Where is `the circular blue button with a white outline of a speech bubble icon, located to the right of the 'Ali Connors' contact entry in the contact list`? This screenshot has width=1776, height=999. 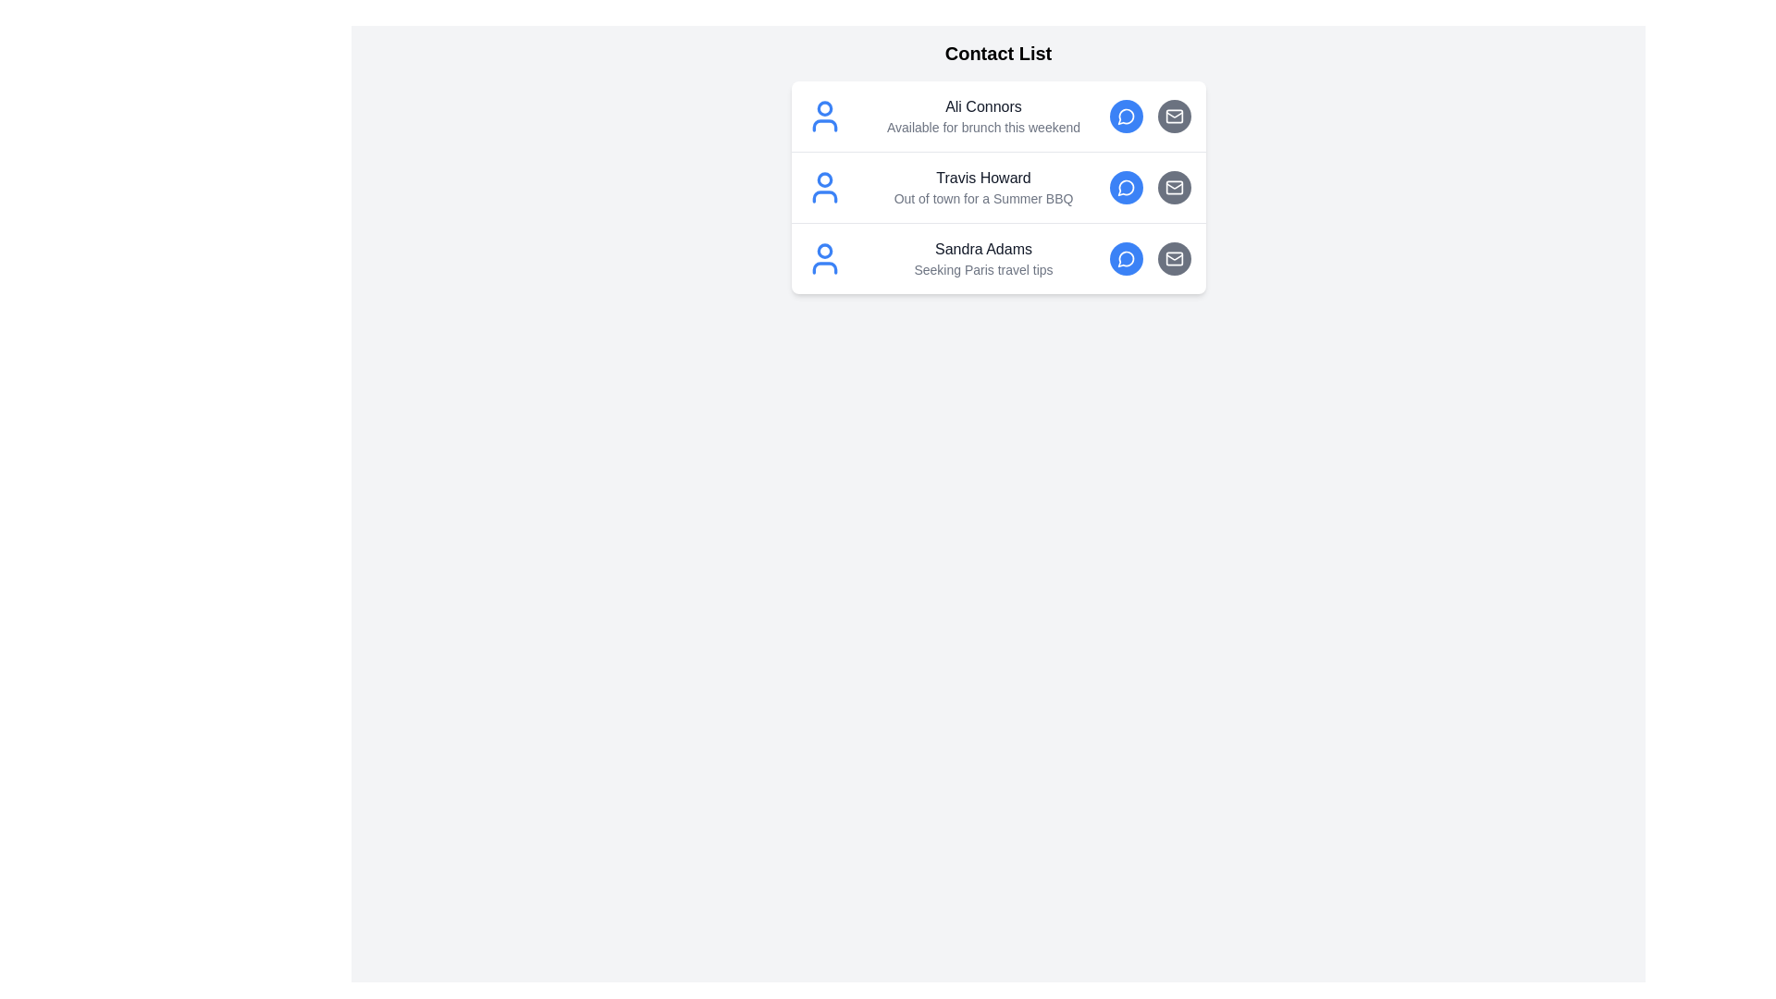
the circular blue button with a white outline of a speech bubble icon, located to the right of the 'Ali Connors' contact entry in the contact list is located at coordinates (1125, 117).